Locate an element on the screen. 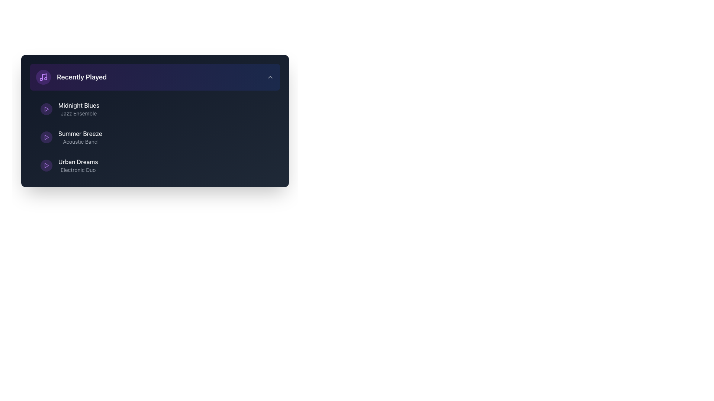  the shuffle button located in the lower section of the 'Recently Played' area, to the right of 'Urban Dreams' is located at coordinates (233, 165).